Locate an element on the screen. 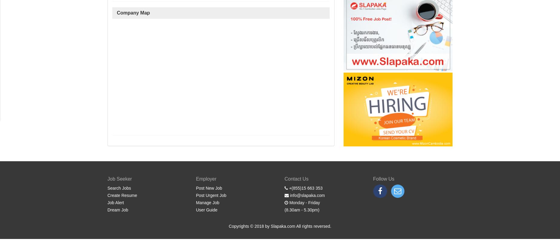 This screenshot has width=560, height=242. 'Dream Job' is located at coordinates (117, 210).